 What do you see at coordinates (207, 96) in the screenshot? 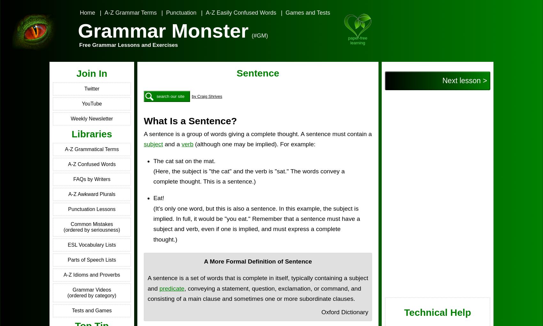
I see `'by Craig Shrives'` at bounding box center [207, 96].